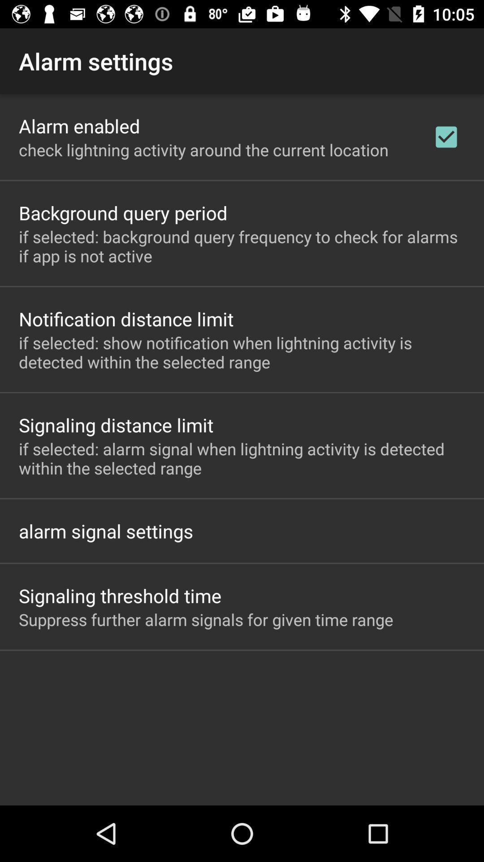 The height and width of the screenshot is (862, 484). What do you see at coordinates (206, 619) in the screenshot?
I see `suppress further alarm icon` at bounding box center [206, 619].